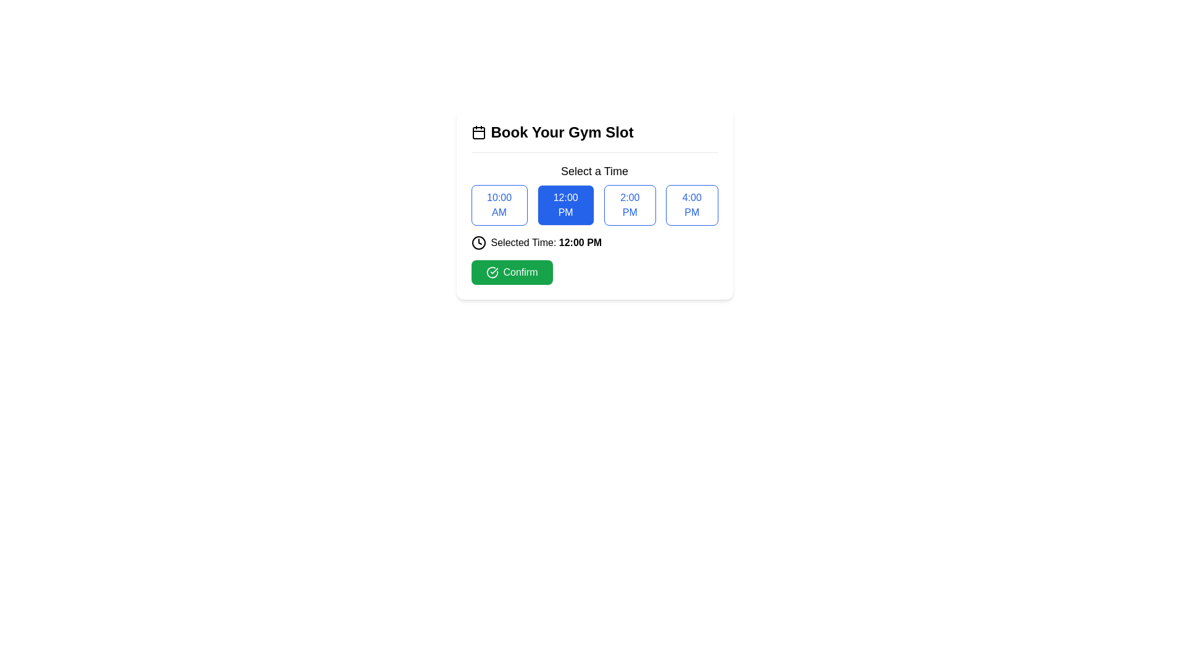 The height and width of the screenshot is (666, 1185). Describe the element at coordinates (594, 203) in the screenshot. I see `the Time selection button for 12:00 PM` at that location.